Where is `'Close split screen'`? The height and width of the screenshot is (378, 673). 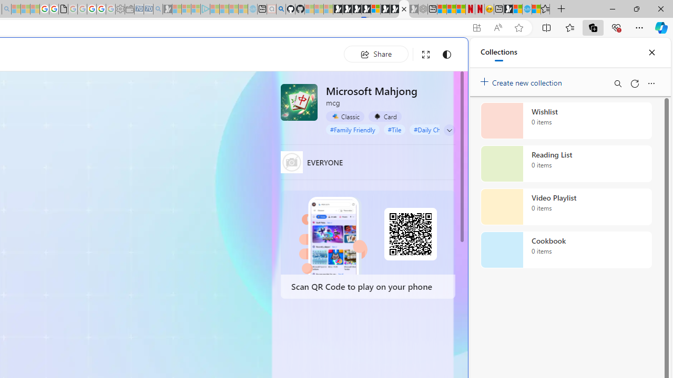
'Close split screen' is located at coordinates (444, 54).